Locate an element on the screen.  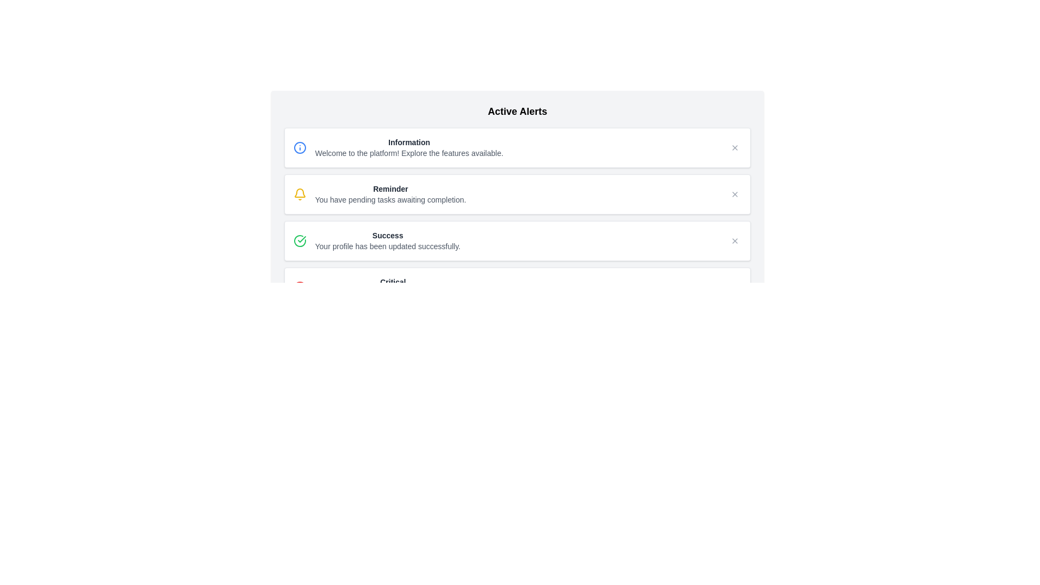
informational alert text displayed in the uppermost alert card within the 'Active Alerts' section, which includes a welcoming message and prompts exploration of platform features is located at coordinates (408, 148).